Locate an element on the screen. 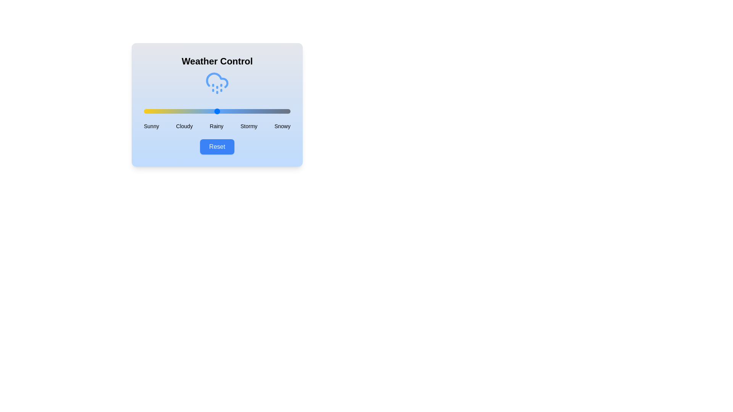  the weather condition slider to 26 is located at coordinates (181, 111).